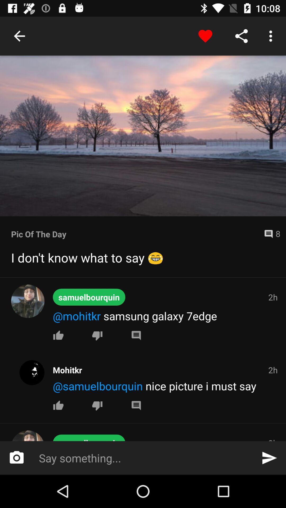  Describe the element at coordinates (270, 234) in the screenshot. I see `item above the i don t item` at that location.